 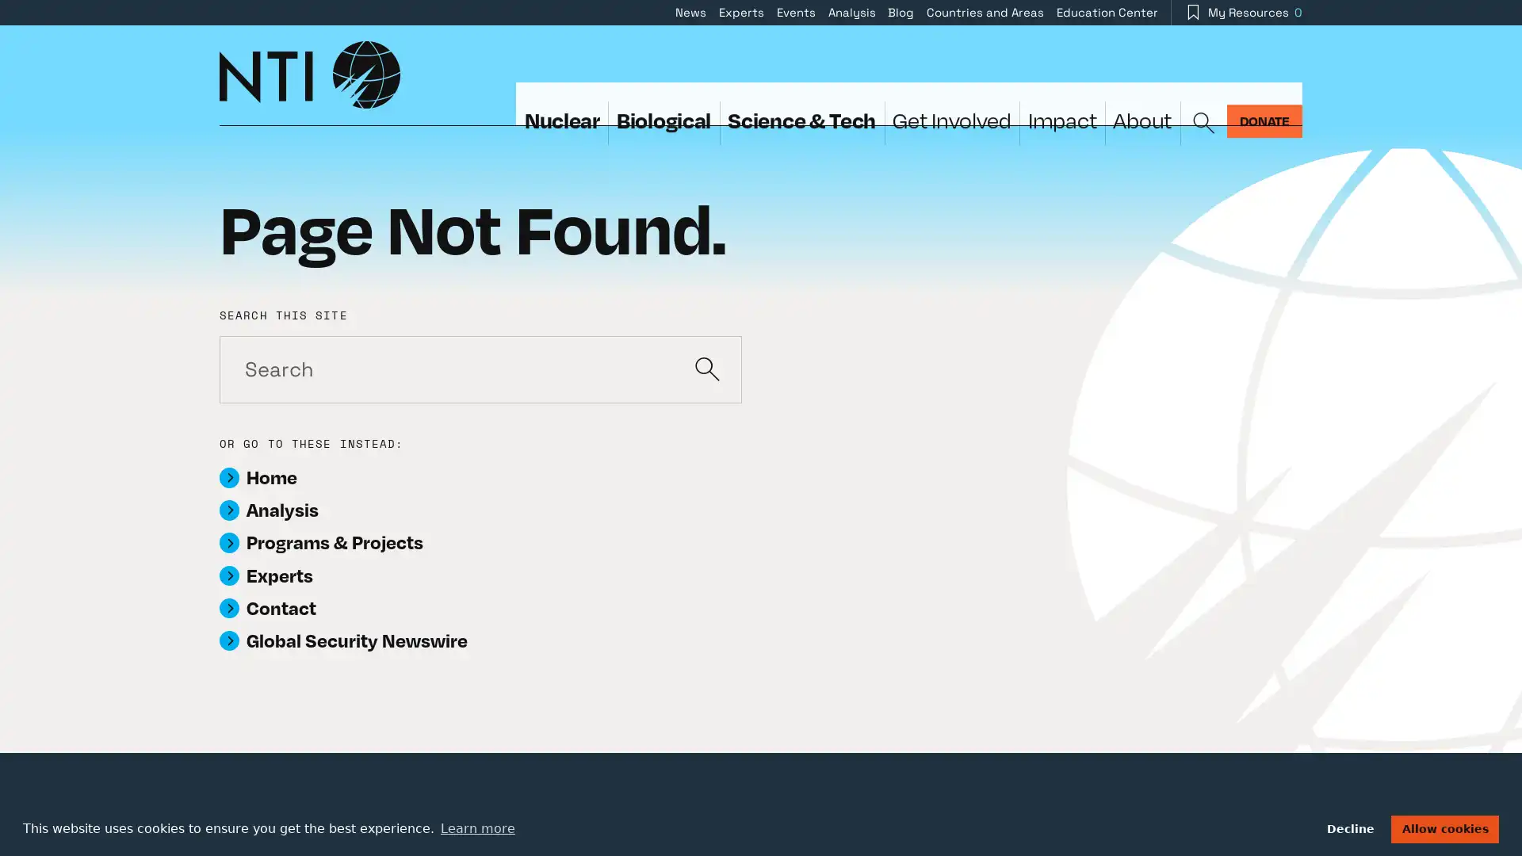 What do you see at coordinates (706, 369) in the screenshot?
I see `Submit` at bounding box center [706, 369].